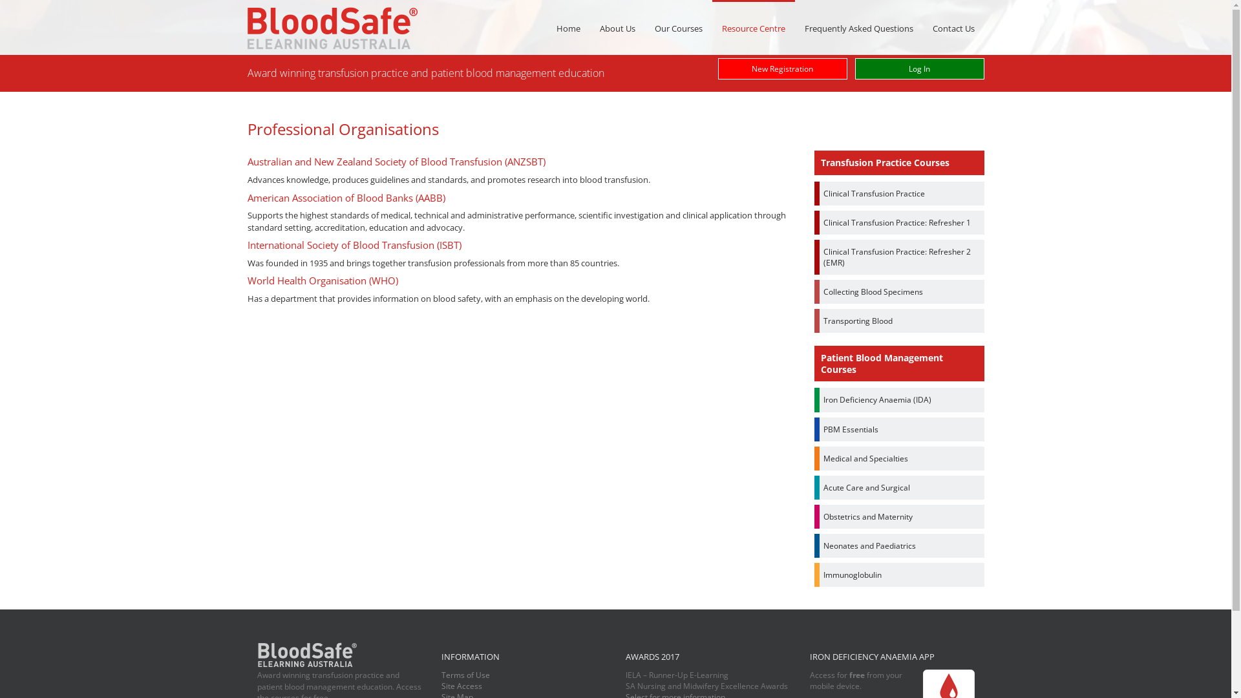  Describe the element at coordinates (859, 28) in the screenshot. I see `'Frequently Asked Questions'` at that location.